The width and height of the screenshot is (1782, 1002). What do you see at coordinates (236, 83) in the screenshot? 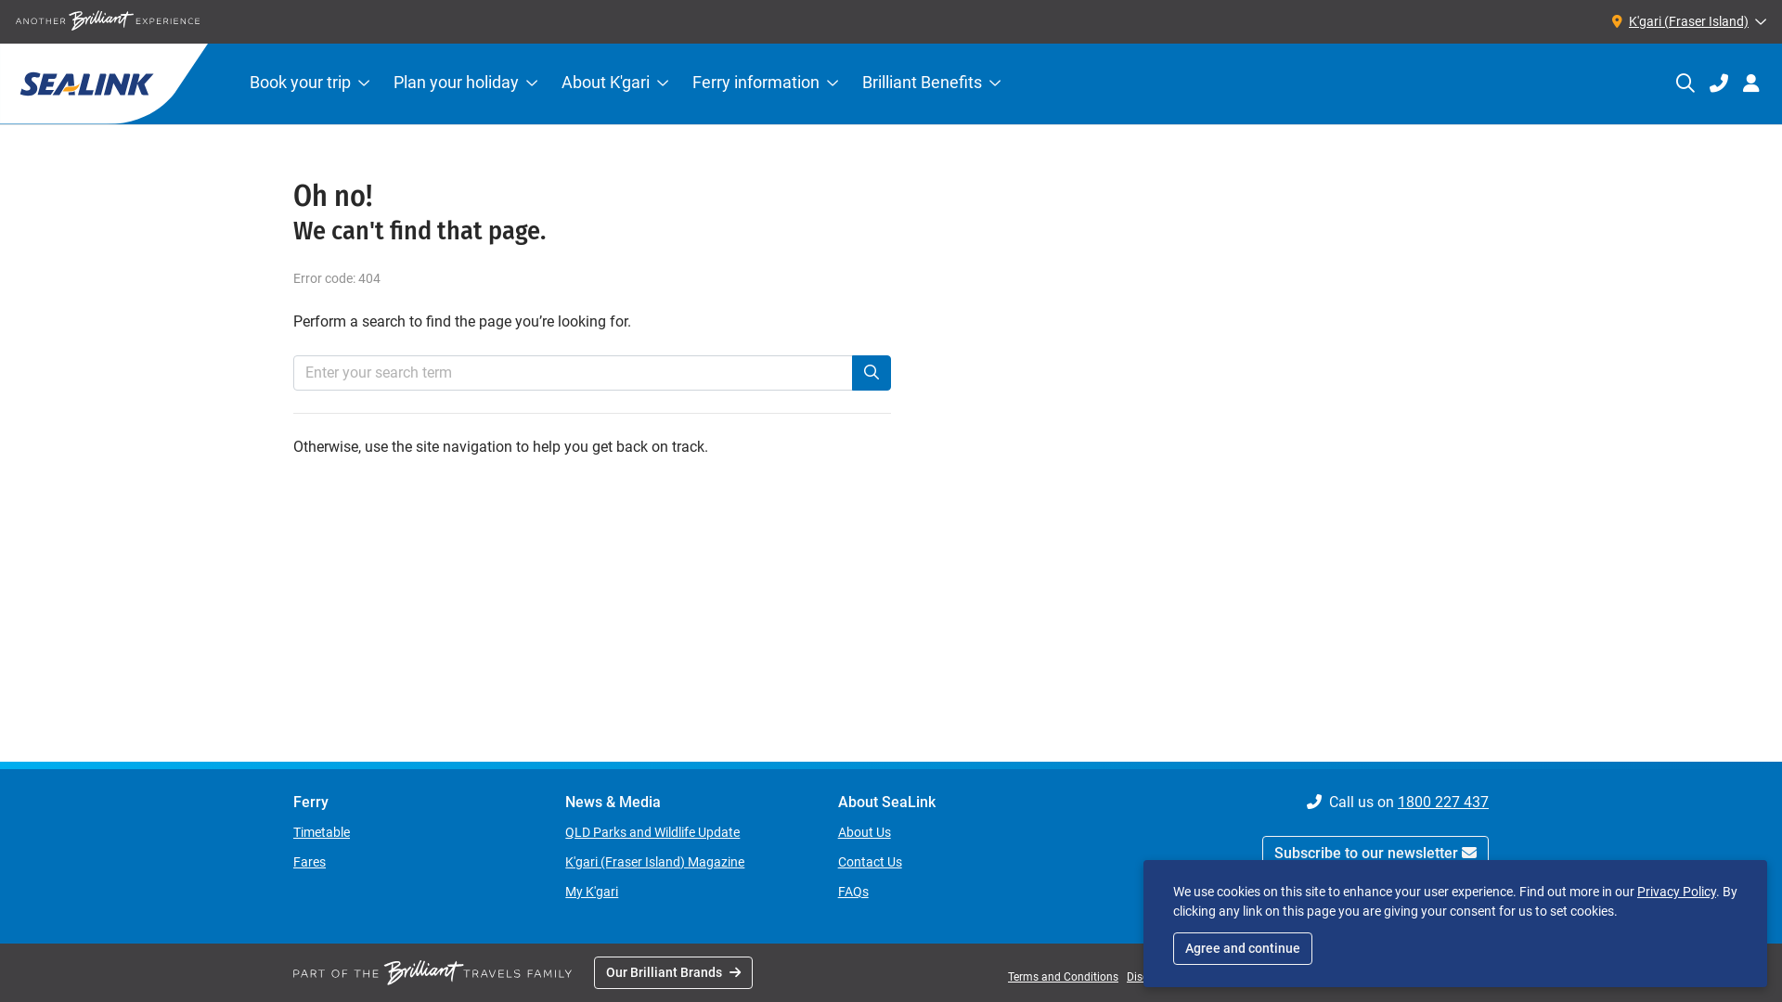
I see `'Book your trip'` at bounding box center [236, 83].